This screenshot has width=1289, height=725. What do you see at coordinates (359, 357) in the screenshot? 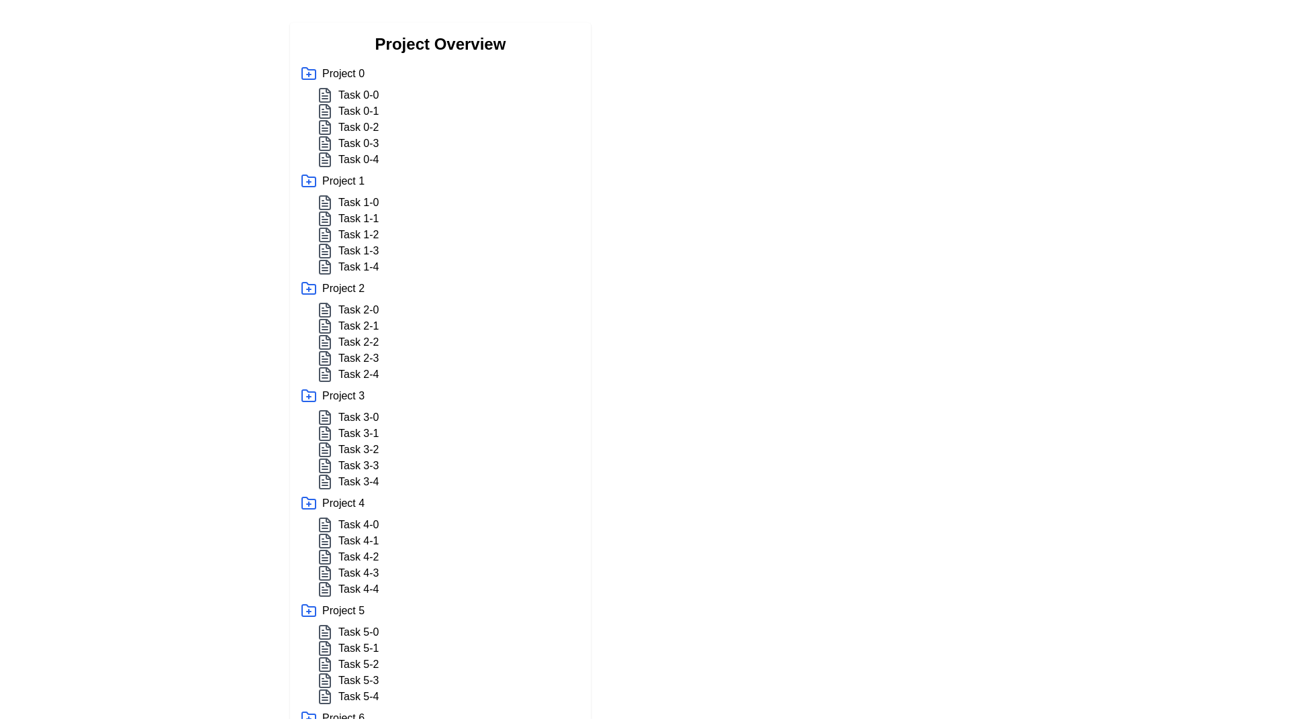
I see `the text label 'Task 2-3' in the project hierarchy` at bounding box center [359, 357].